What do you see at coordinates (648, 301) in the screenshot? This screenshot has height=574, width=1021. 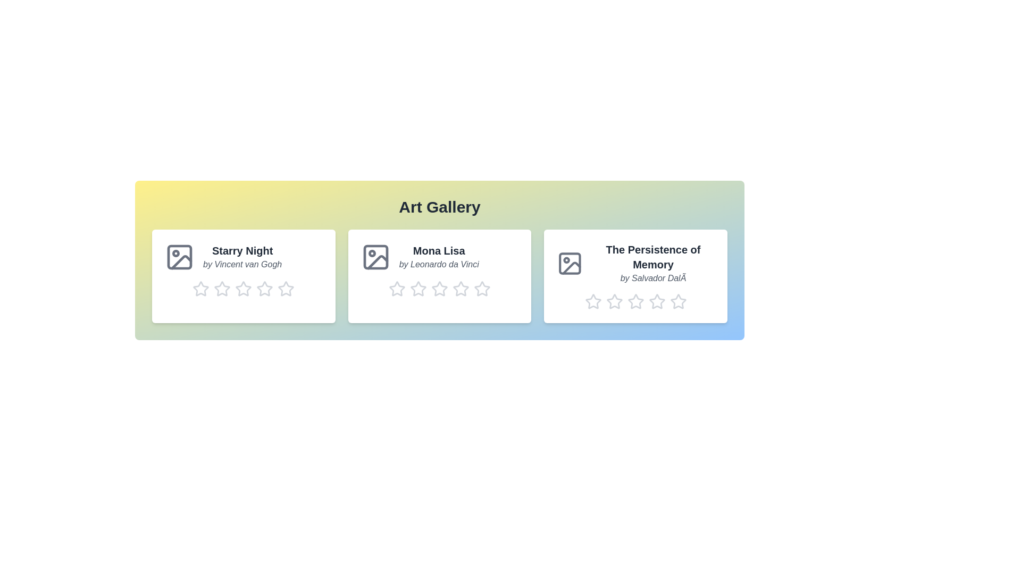 I see `the rating of artwork 3 to 4 stars` at bounding box center [648, 301].